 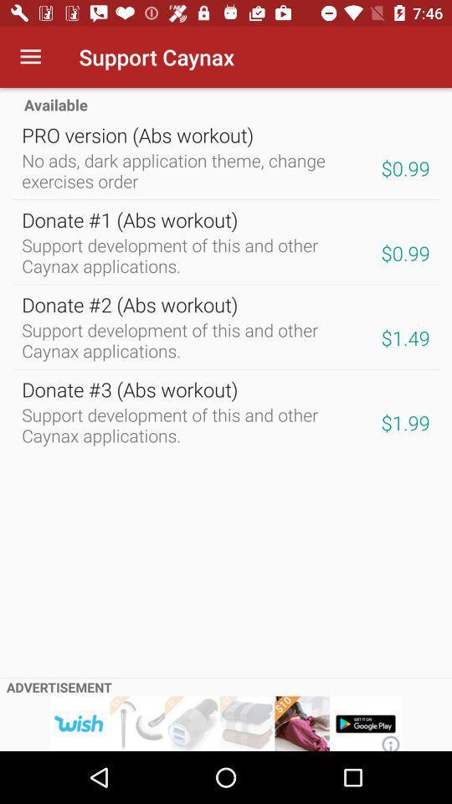 What do you see at coordinates (226, 723) in the screenshot?
I see `advertisement` at bounding box center [226, 723].